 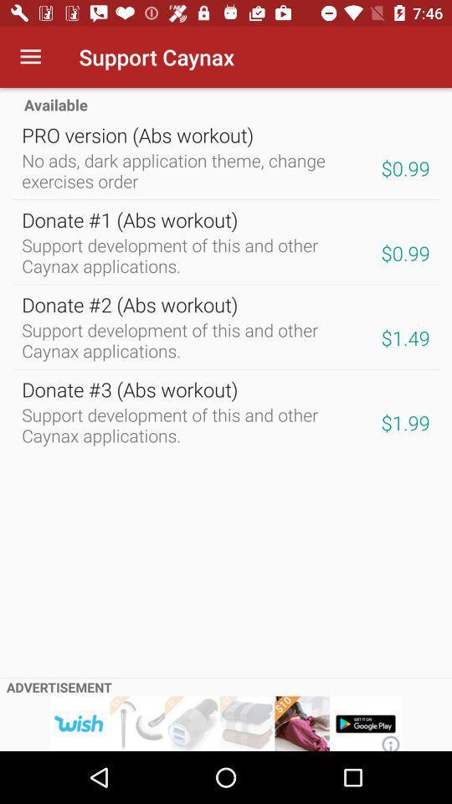 What do you see at coordinates (226, 723) in the screenshot?
I see `advertisement` at bounding box center [226, 723].